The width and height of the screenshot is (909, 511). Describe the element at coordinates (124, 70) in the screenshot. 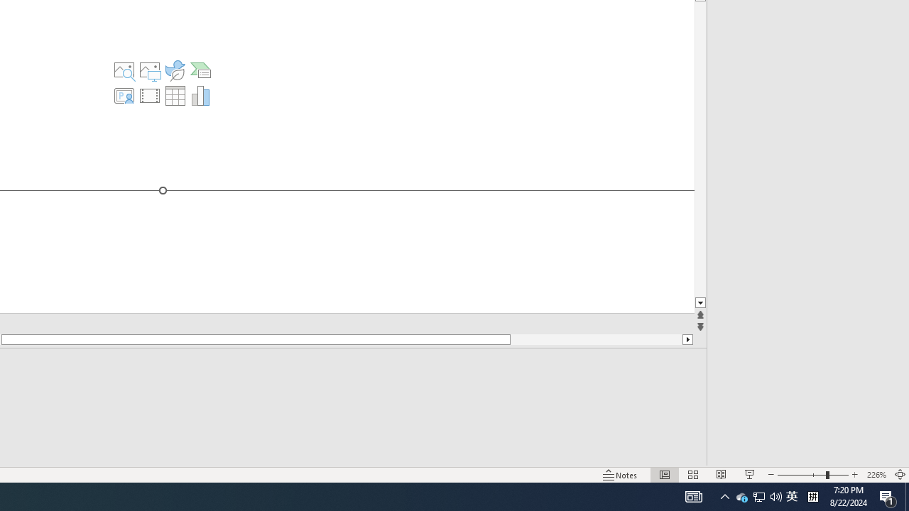

I see `'Stock Images'` at that location.